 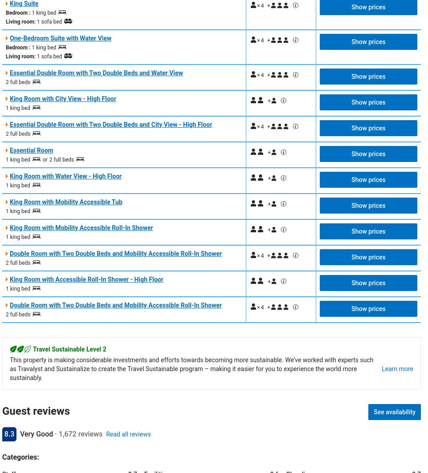 I want to click on 'Travel Sustainable Level 2', so click(x=33, y=348).